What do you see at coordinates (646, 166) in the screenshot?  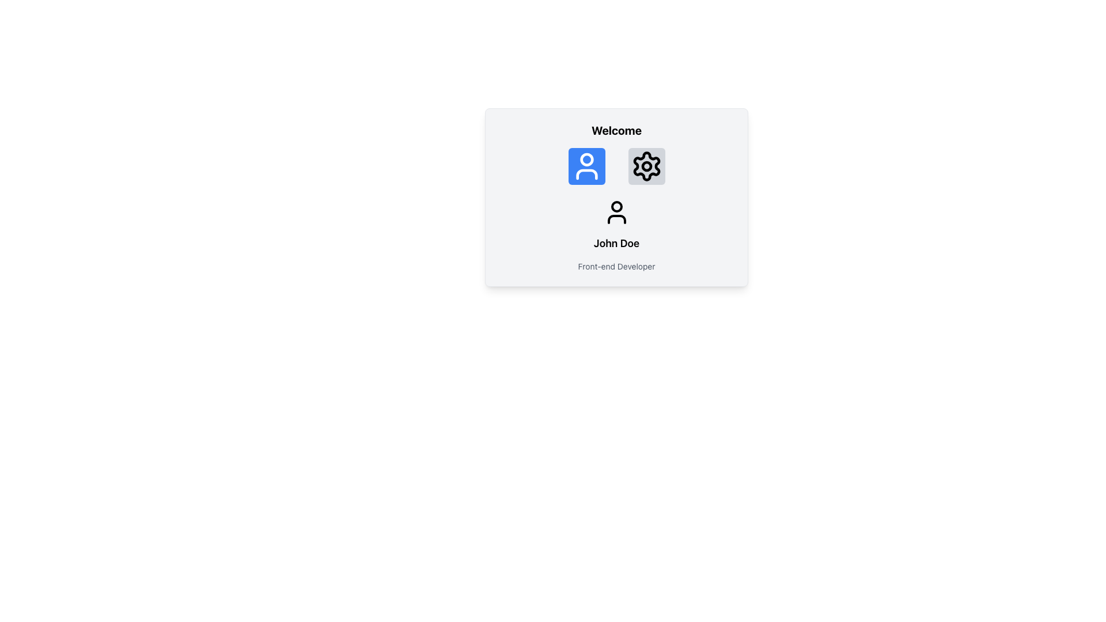 I see `the gear icon with a gray background and a black gear symbol` at bounding box center [646, 166].